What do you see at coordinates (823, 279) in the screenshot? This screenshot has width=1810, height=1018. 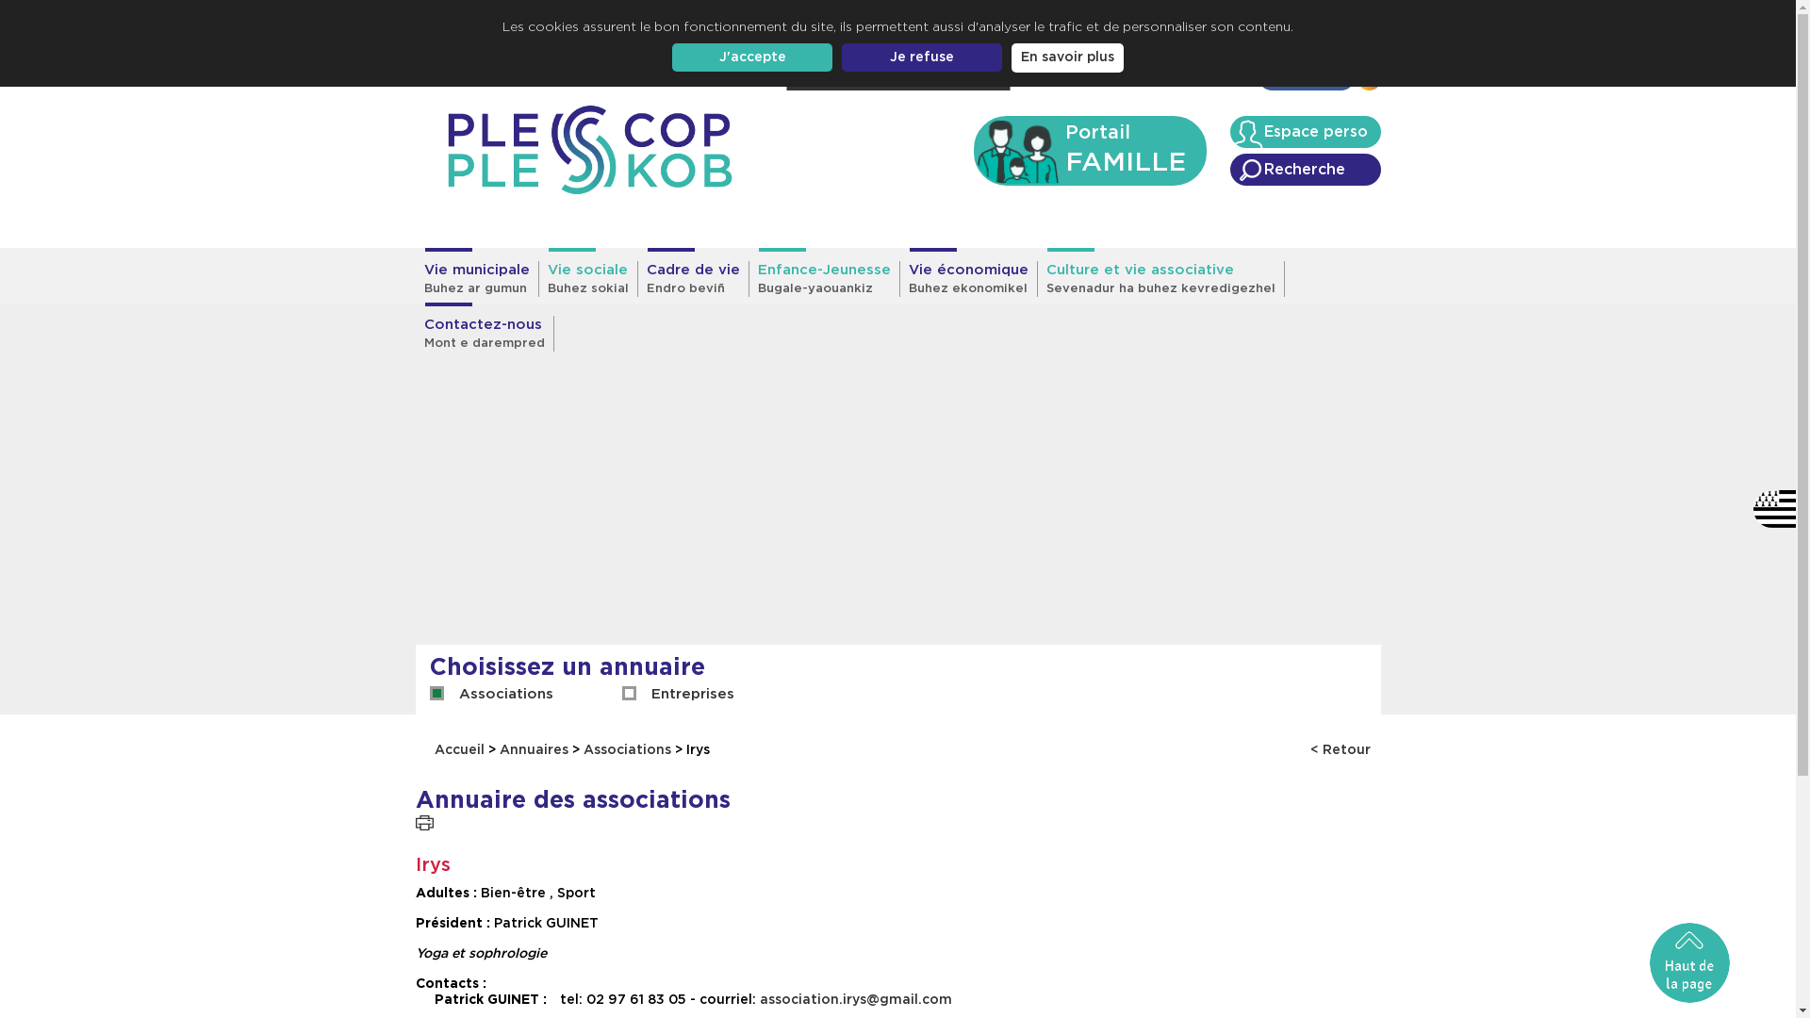 I see `'Enfance-Jeunesse` at bounding box center [823, 279].